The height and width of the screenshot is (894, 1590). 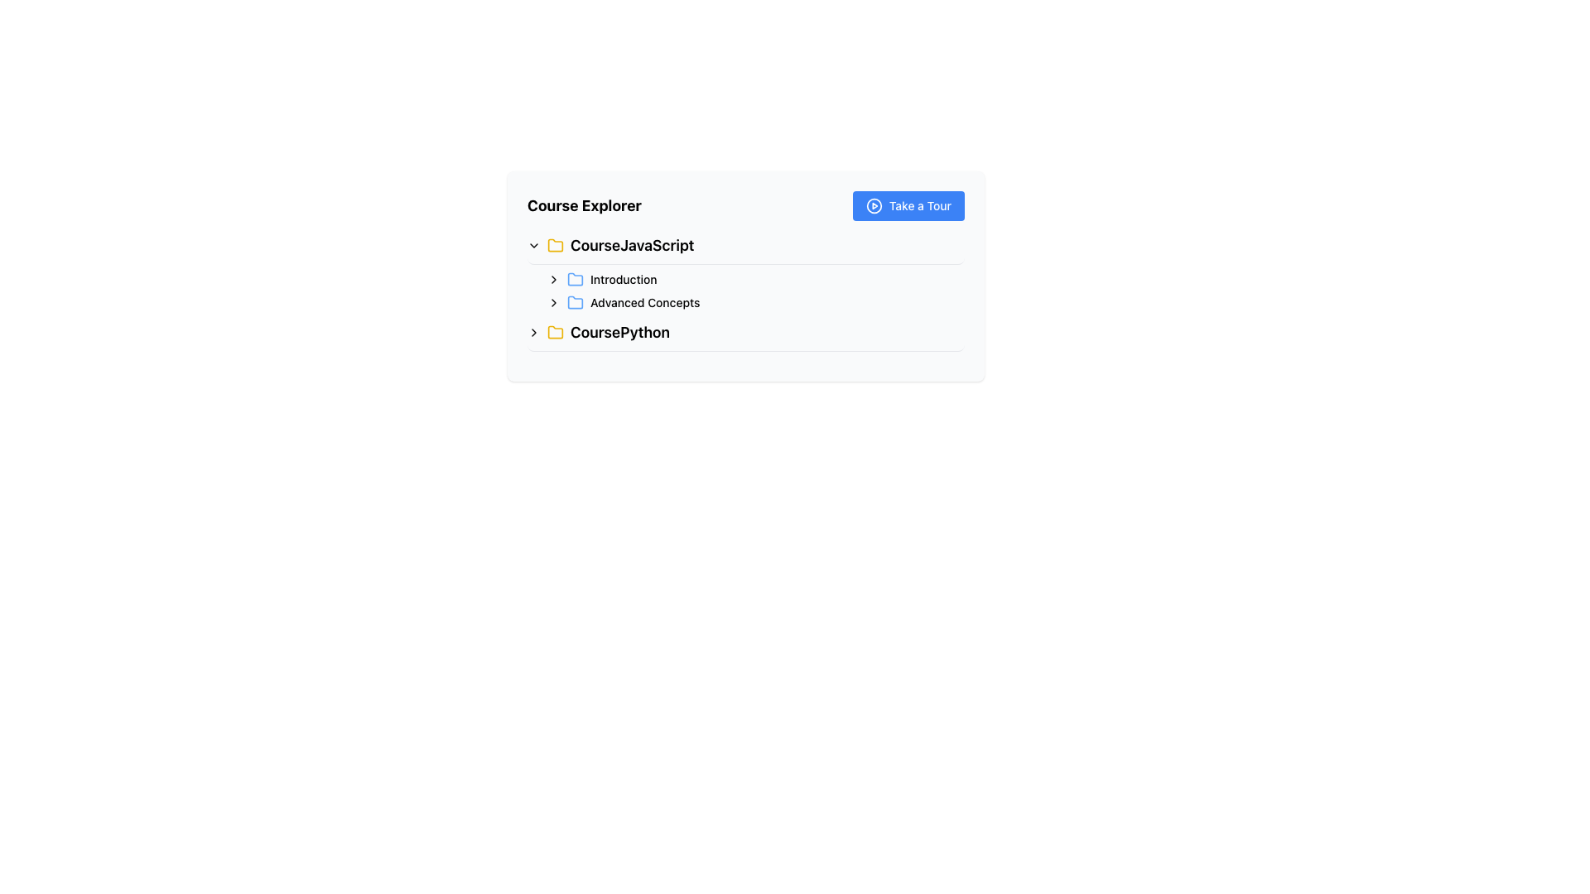 What do you see at coordinates (623, 279) in the screenshot?
I see `the 'Introduction' text label located under the 'CourseJavaScript' category` at bounding box center [623, 279].